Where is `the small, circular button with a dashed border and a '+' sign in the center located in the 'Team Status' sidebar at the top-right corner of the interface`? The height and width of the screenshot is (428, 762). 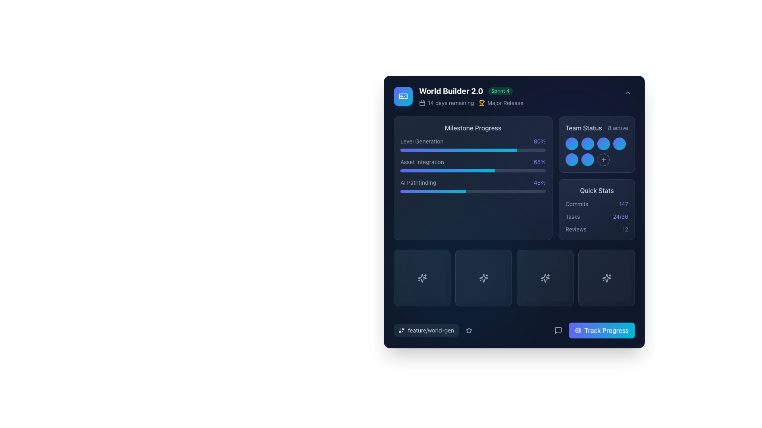
the small, circular button with a dashed border and a '+' sign in the center located in the 'Team Status' sidebar at the top-right corner of the interface is located at coordinates (603, 159).